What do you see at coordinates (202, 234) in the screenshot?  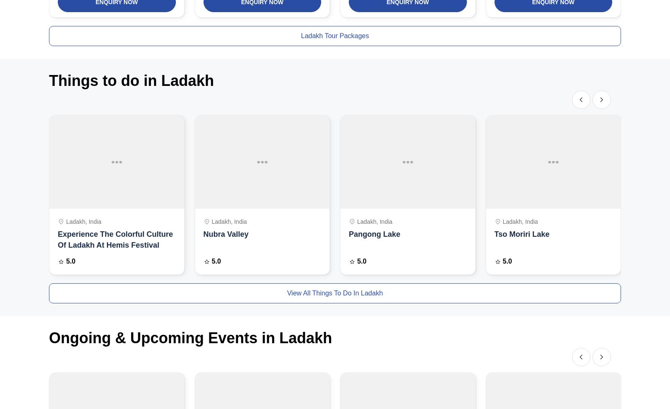 I see `'Nubra Valley'` at bounding box center [202, 234].